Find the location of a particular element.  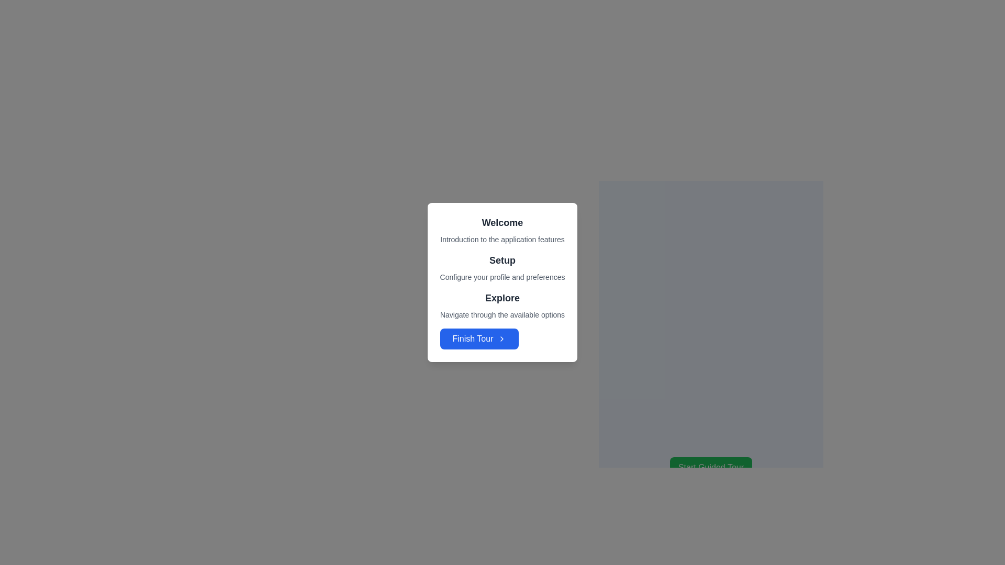

informational text that provides a brief introduction about the application's features, positioned below the 'Welcome' text is located at coordinates (502, 240).